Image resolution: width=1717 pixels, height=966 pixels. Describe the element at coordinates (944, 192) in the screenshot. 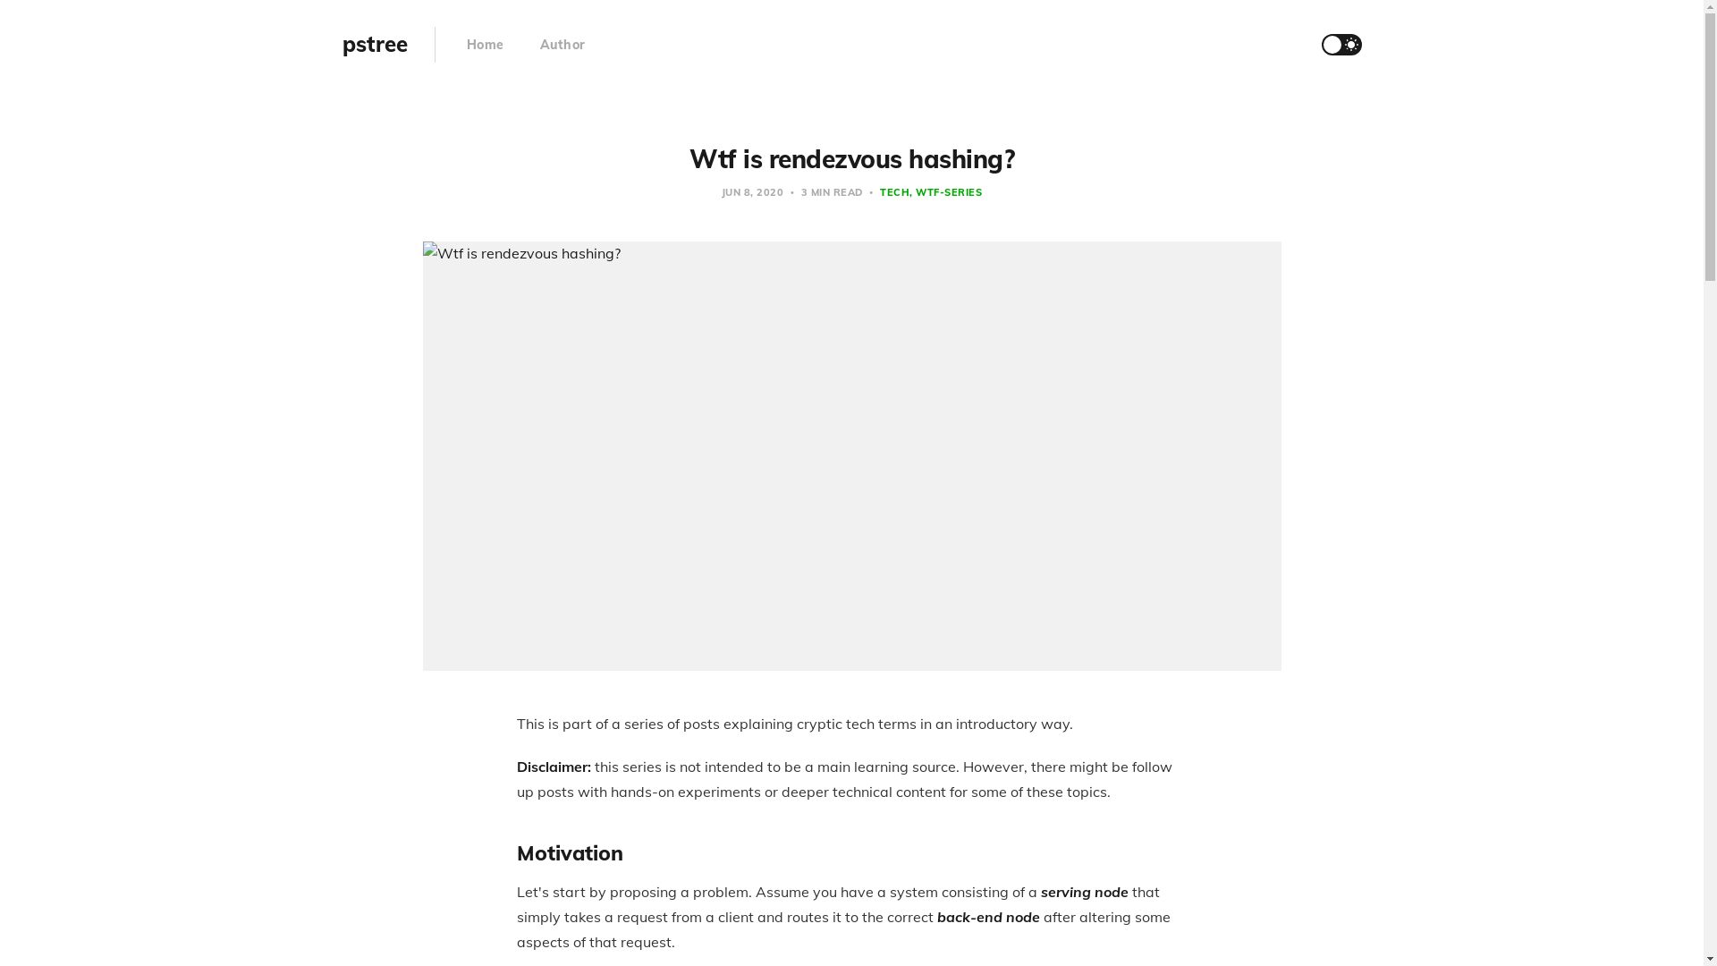

I see `'WTF-SERIES'` at that location.